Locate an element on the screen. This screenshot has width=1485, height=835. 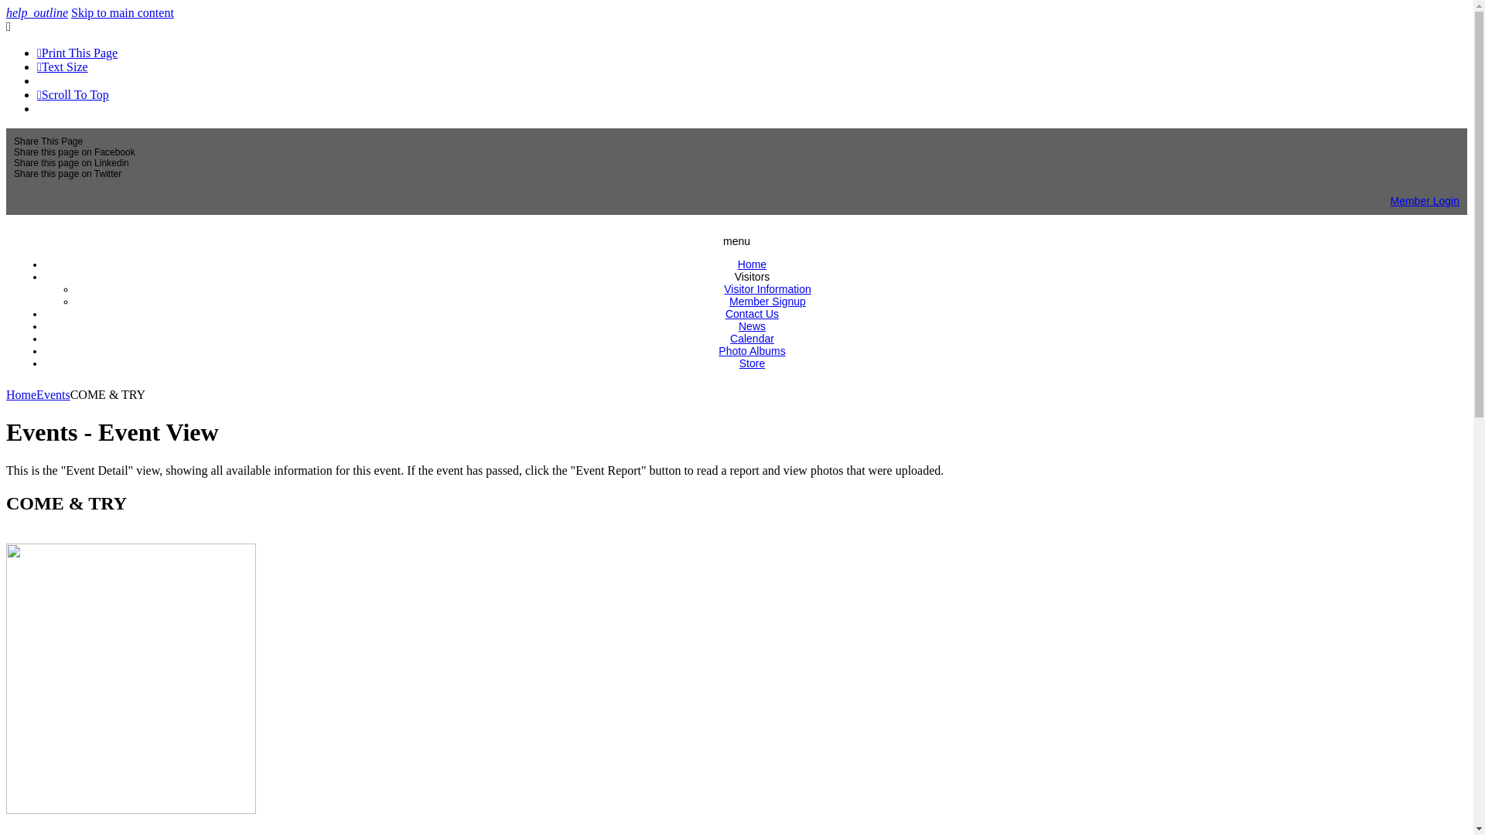
'Events' is located at coordinates (53, 394).